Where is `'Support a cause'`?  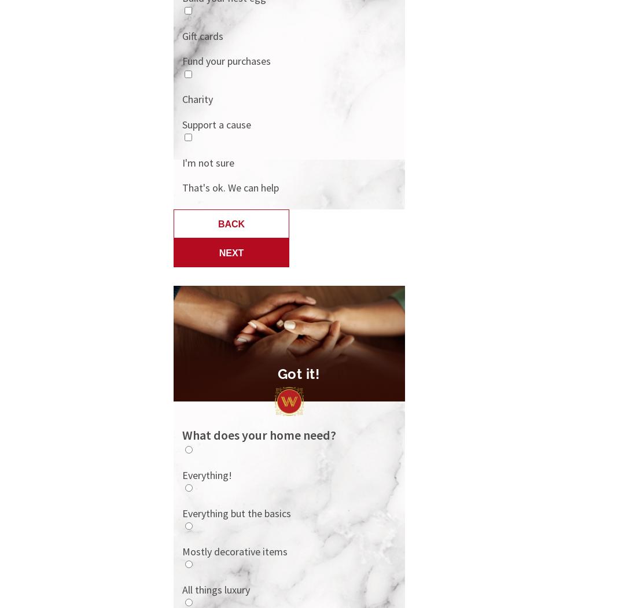
'Support a cause' is located at coordinates (216, 123).